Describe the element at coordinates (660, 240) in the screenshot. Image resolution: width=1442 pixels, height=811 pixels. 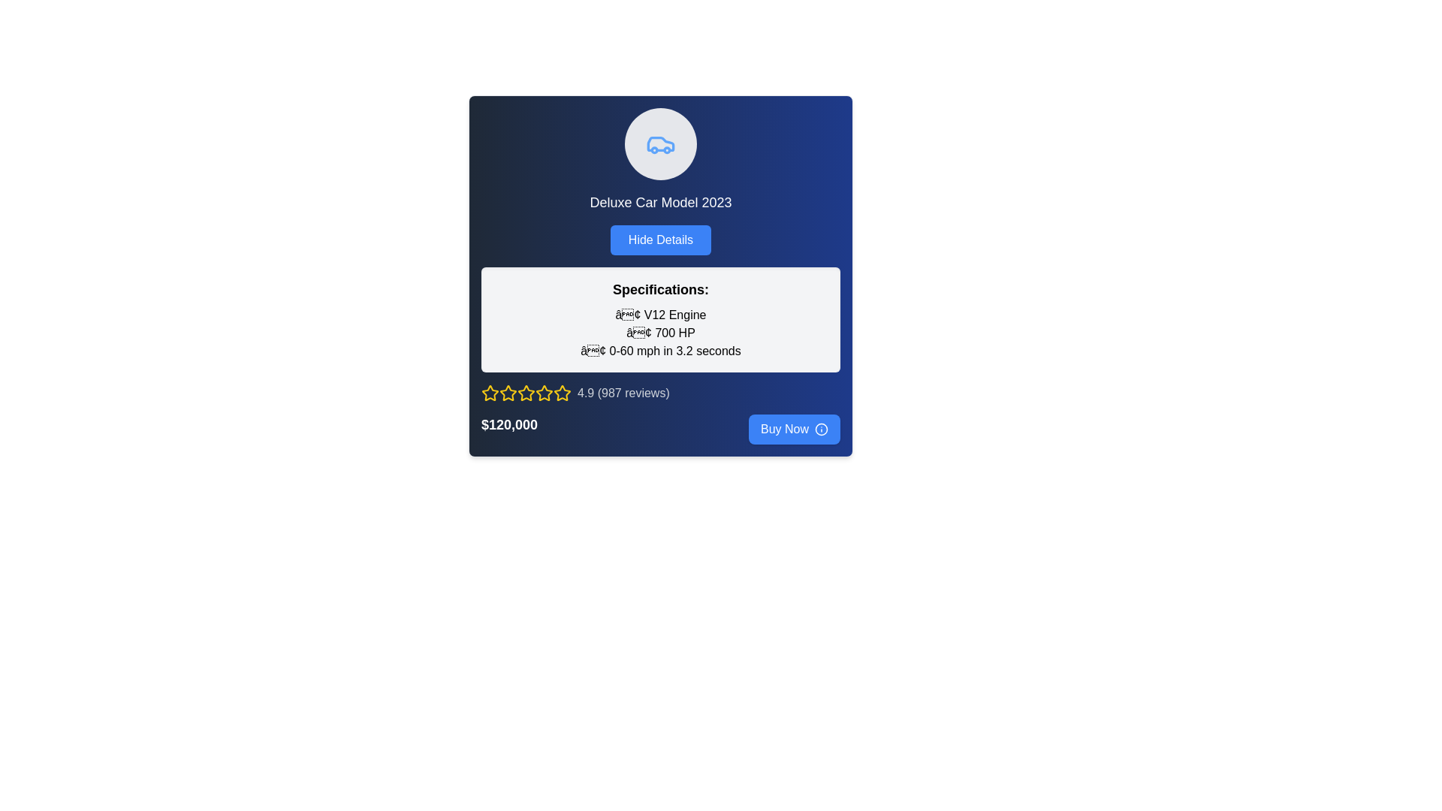
I see `the rectangular button with a blue background and white text reading 'Hide Details' located below the text 'Deluxe Car Model 2023'` at that location.